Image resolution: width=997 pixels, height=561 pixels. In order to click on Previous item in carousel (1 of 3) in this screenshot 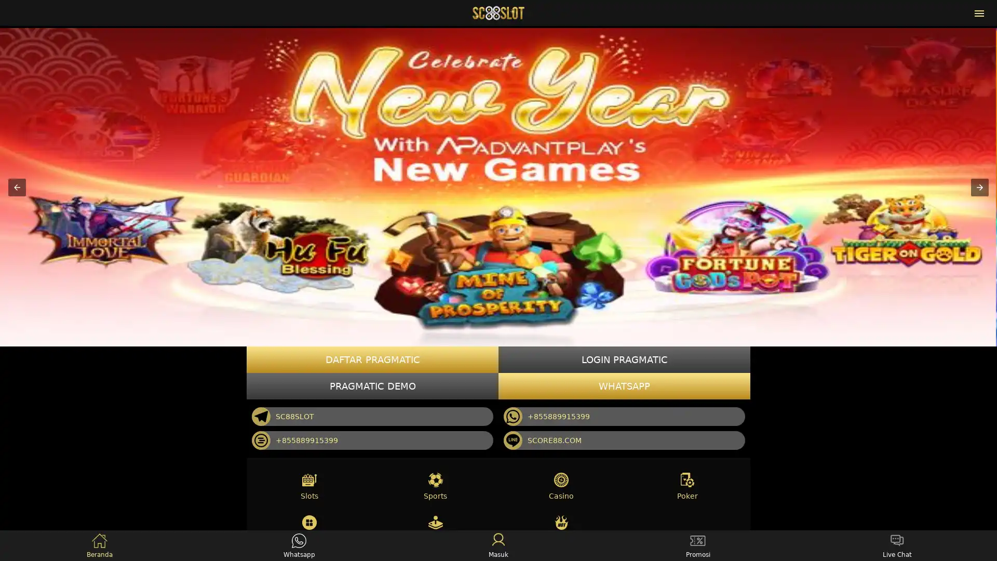, I will do `click(17, 186)`.